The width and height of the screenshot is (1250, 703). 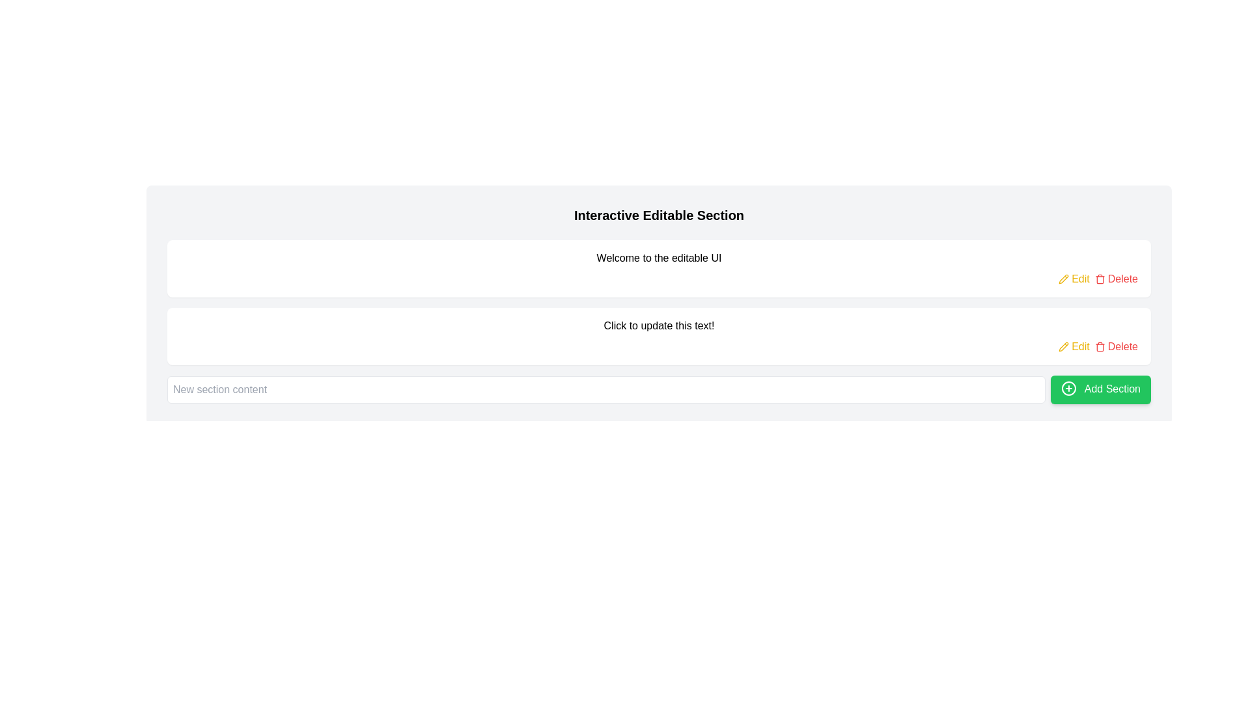 I want to click on the circular SVG component with a plus icon that is part of the 'Add Section' button located in the bottom-right area of the interface, so click(x=1069, y=388).